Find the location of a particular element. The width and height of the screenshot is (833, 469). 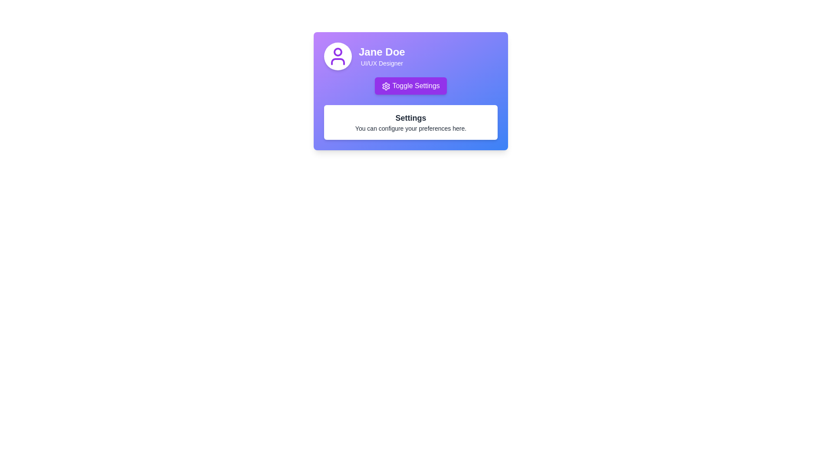

the SVG Circle element that represents a user avatar, which is located inside a purple-colored circle at the top-left of the user card is located at coordinates (337, 52).